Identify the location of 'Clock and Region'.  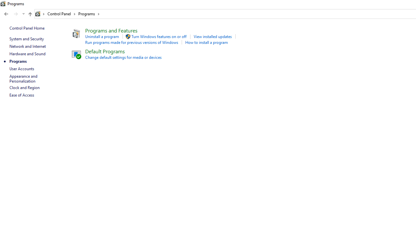
(24, 87).